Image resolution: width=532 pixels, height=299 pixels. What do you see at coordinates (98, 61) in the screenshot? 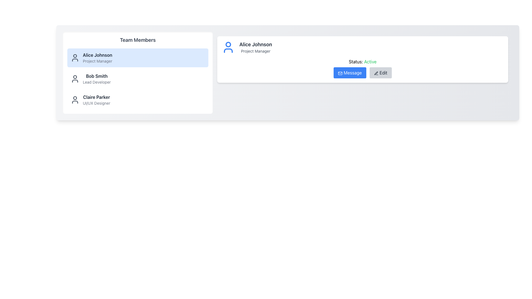
I see `the text label that describes 'Project Manager' for the team member 'Alice Johnson', which is styled in gray and positioned below the name within the highlighted list item in the 'Team Members' section` at bounding box center [98, 61].